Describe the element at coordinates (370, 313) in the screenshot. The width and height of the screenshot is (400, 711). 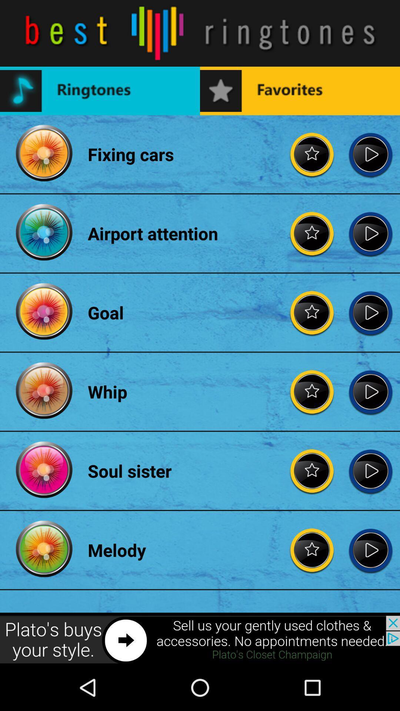
I see `button` at that location.